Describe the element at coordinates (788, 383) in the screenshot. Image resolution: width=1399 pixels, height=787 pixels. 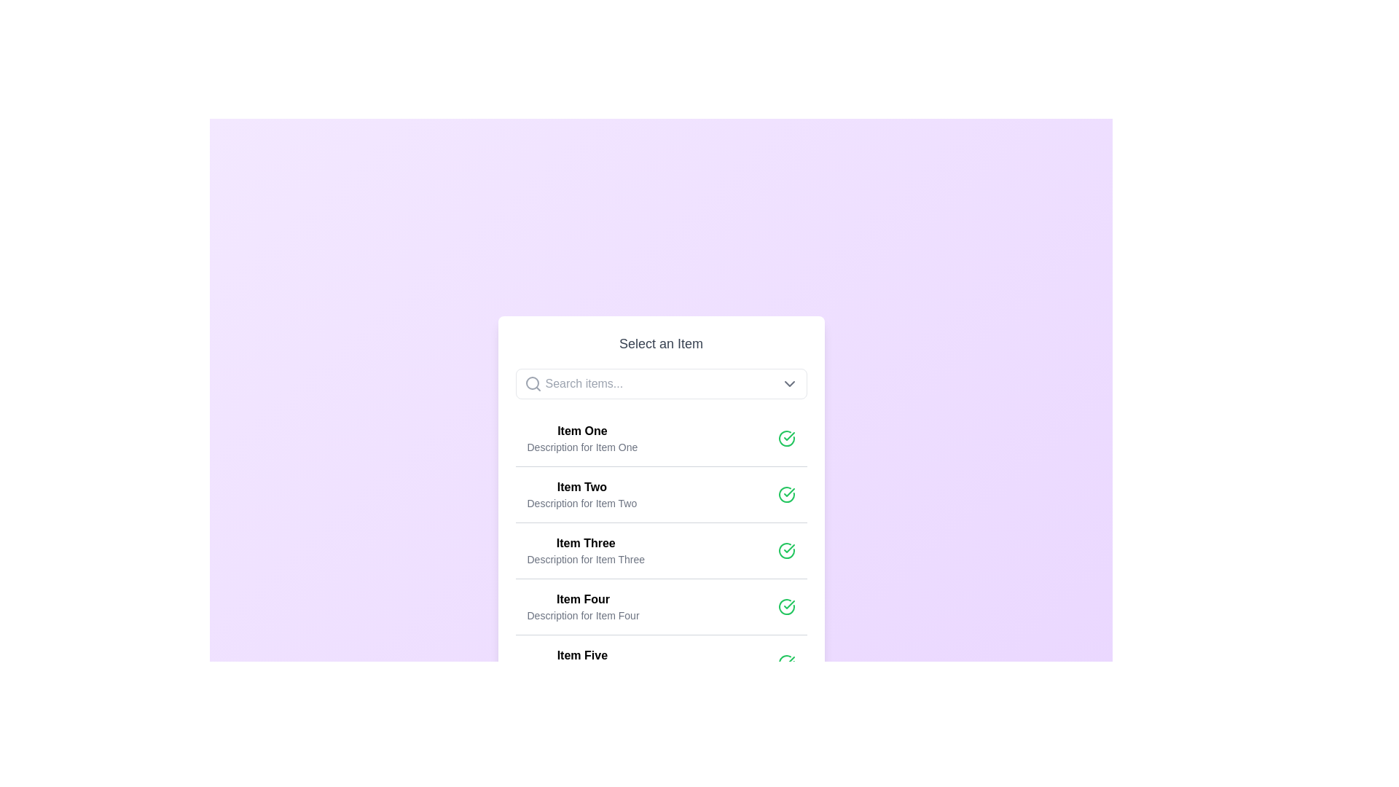
I see `the downward-facing chevron icon, which is positioned inside the search input field at the right edge` at that location.